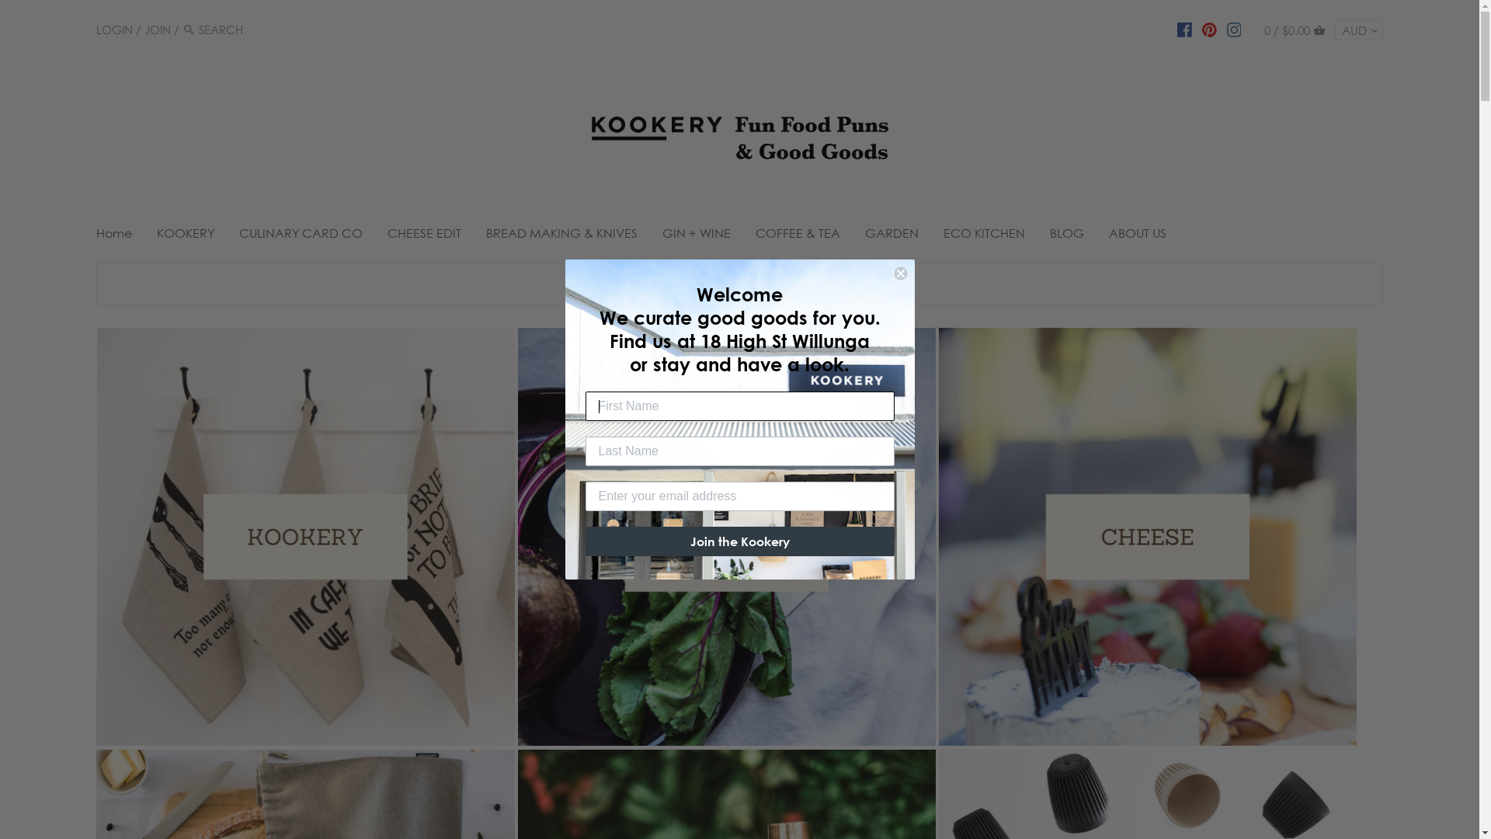  I want to click on 'PINTEREST', so click(1208, 29).